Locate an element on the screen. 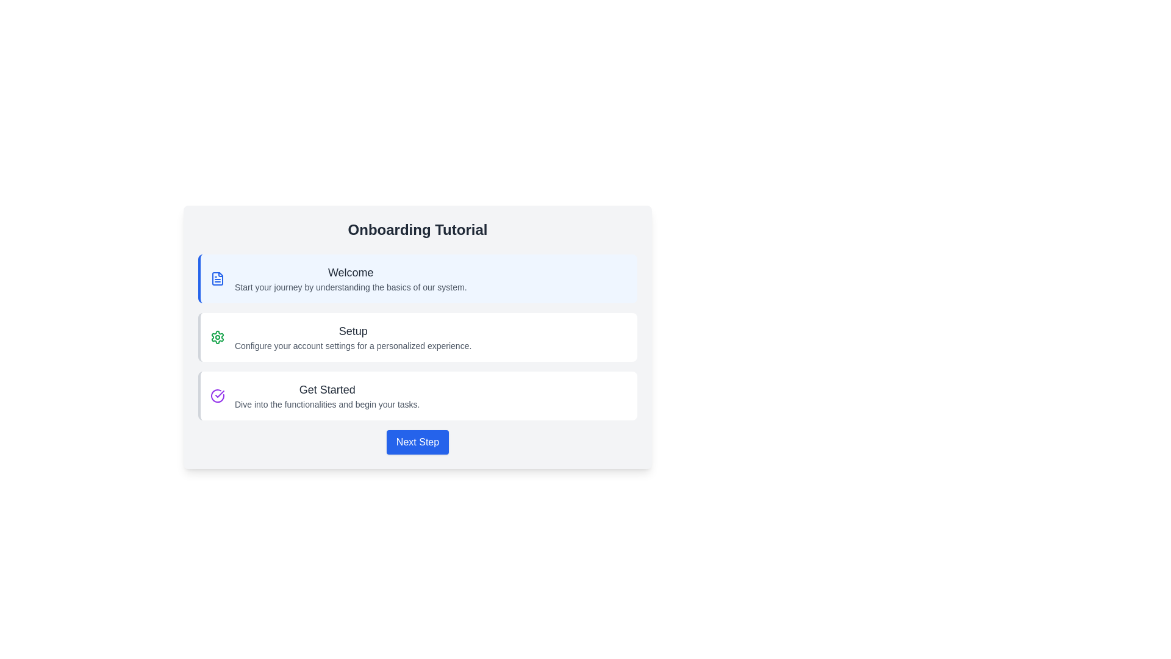 Image resolution: width=1171 pixels, height=659 pixels. the informational panel titled 'Setup', which includes the description 'Configure your account settings for a personalized experience.' is located at coordinates (418, 337).